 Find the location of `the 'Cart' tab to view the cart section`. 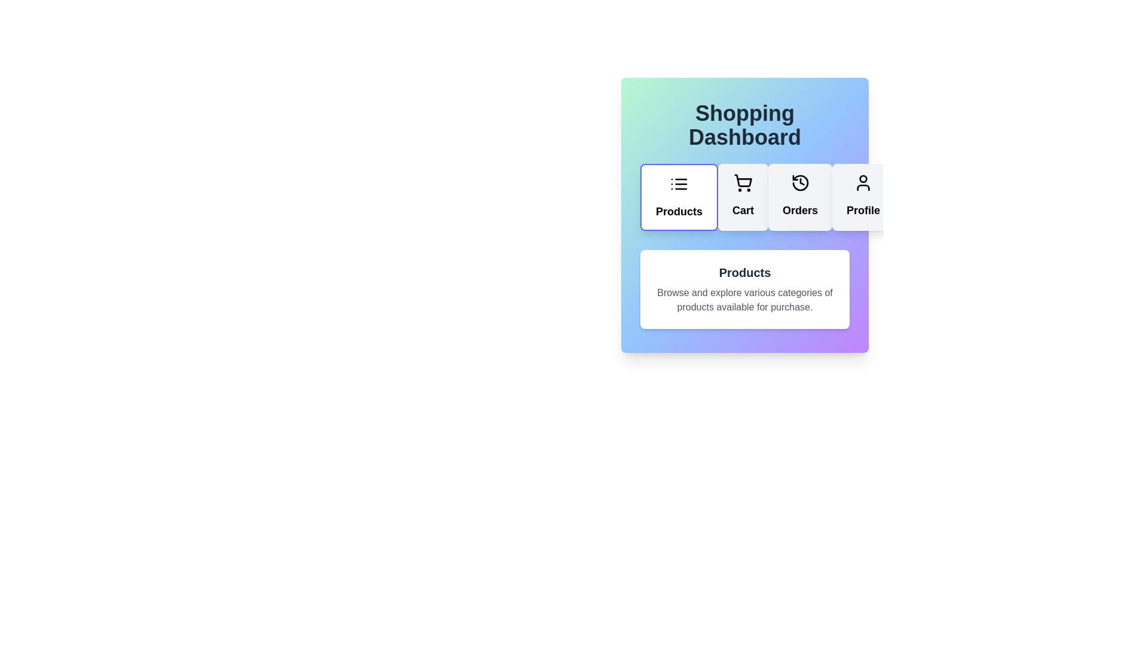

the 'Cart' tab to view the cart section is located at coordinates (743, 197).